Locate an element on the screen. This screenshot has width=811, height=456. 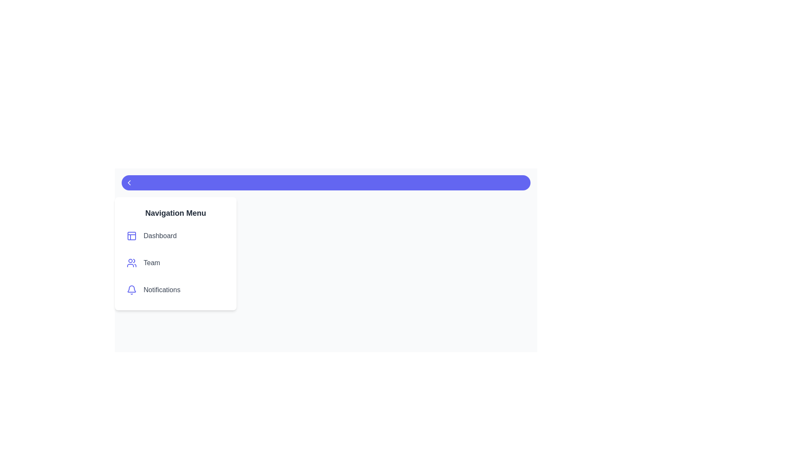
the menu item labeled Notifications to observe the visual feedback is located at coordinates (175, 289).